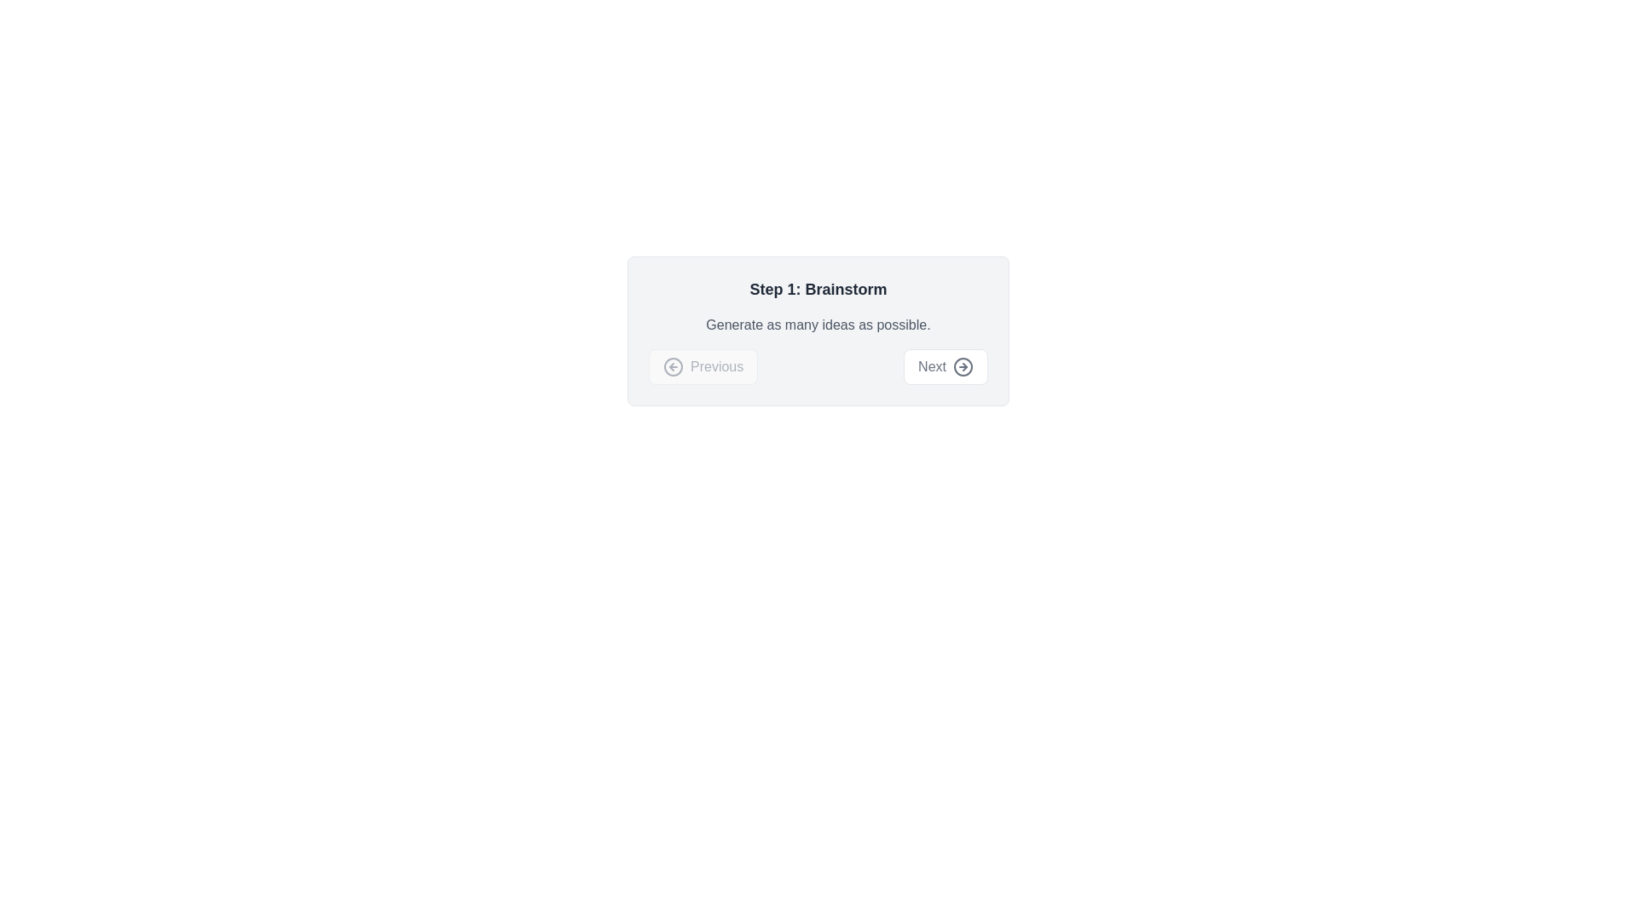  Describe the element at coordinates (963, 366) in the screenshot. I see `the circular icon with a right-facing arrow within the 'Next' button located at the bottom right of the dialog box` at that location.